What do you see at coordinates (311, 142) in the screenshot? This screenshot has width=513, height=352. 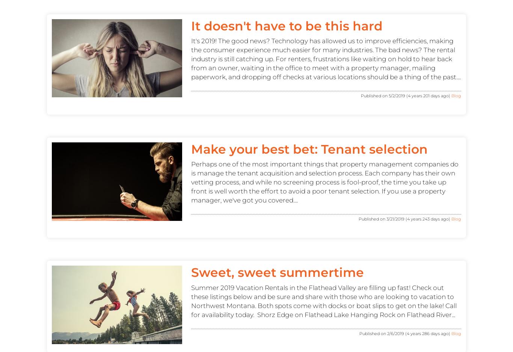 I see `'Login'` at bounding box center [311, 142].